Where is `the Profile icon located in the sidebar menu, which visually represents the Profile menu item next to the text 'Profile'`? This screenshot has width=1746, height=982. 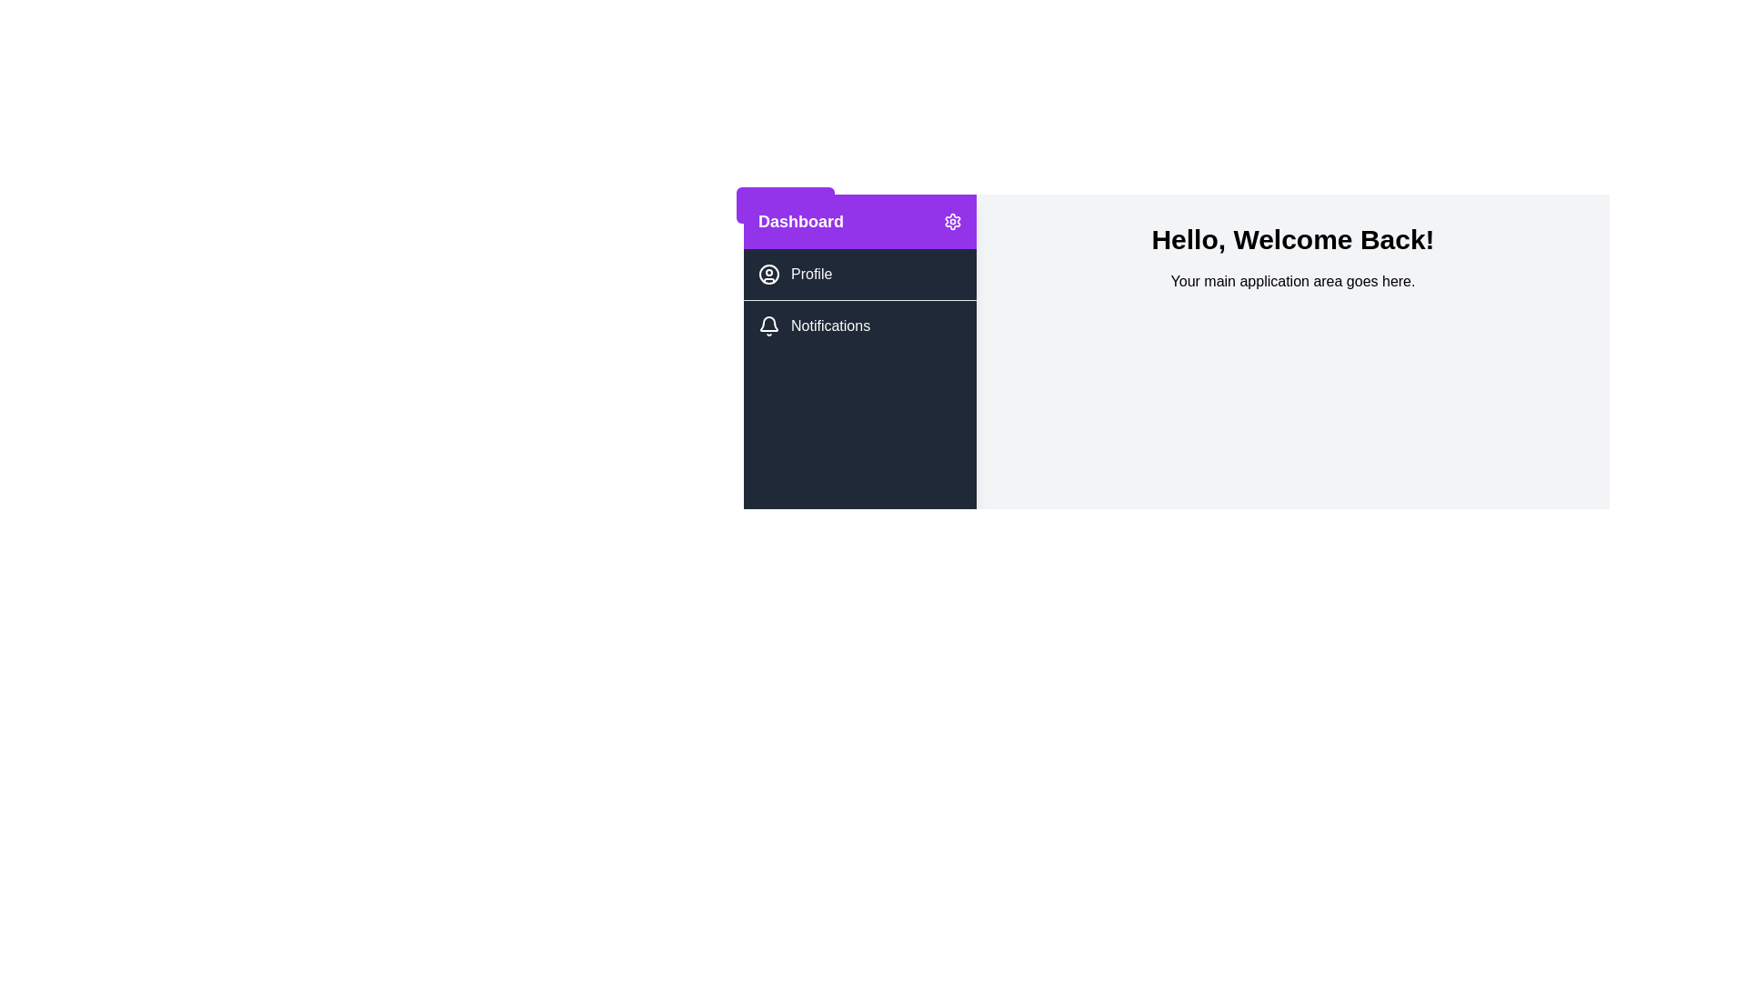
the Profile icon located in the sidebar menu, which visually represents the Profile menu item next to the text 'Profile' is located at coordinates (768, 274).